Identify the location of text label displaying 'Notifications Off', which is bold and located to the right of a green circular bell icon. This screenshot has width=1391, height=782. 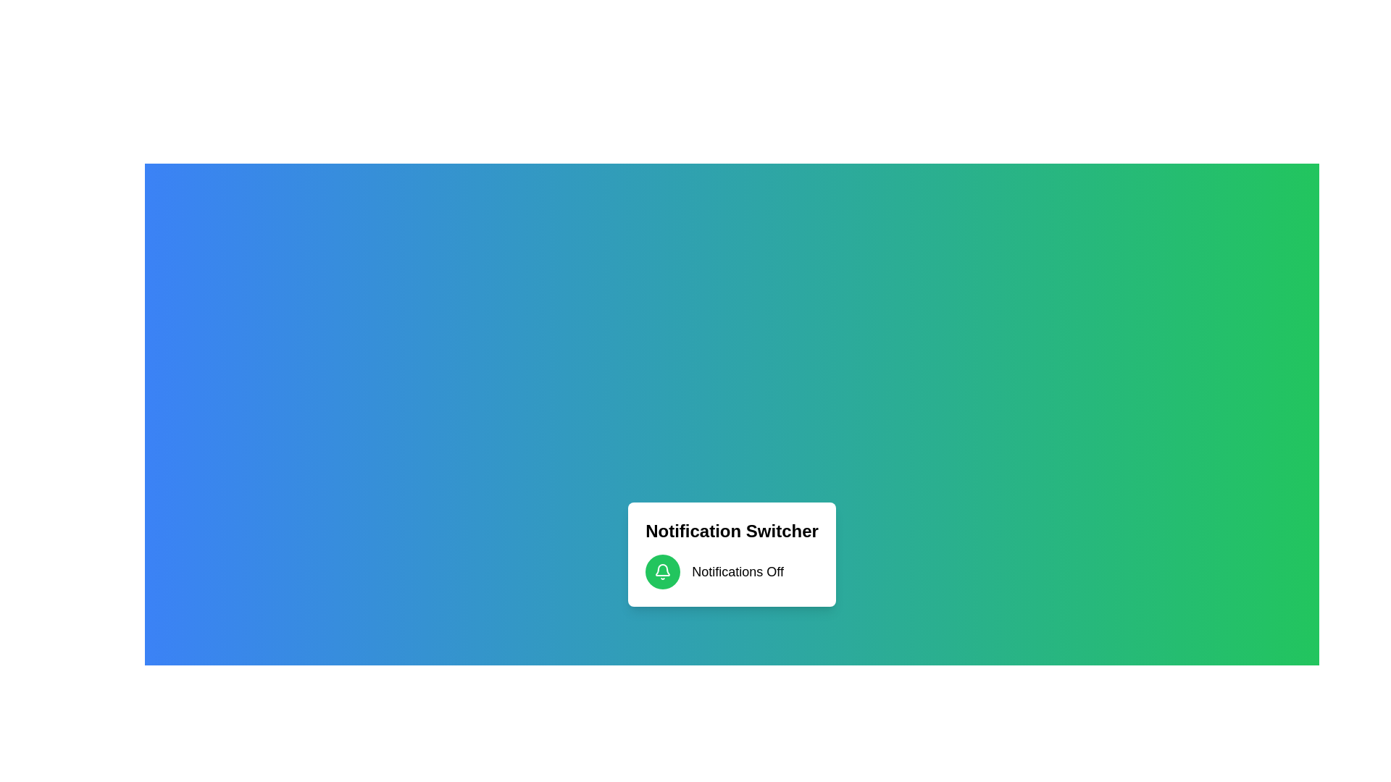
(738, 571).